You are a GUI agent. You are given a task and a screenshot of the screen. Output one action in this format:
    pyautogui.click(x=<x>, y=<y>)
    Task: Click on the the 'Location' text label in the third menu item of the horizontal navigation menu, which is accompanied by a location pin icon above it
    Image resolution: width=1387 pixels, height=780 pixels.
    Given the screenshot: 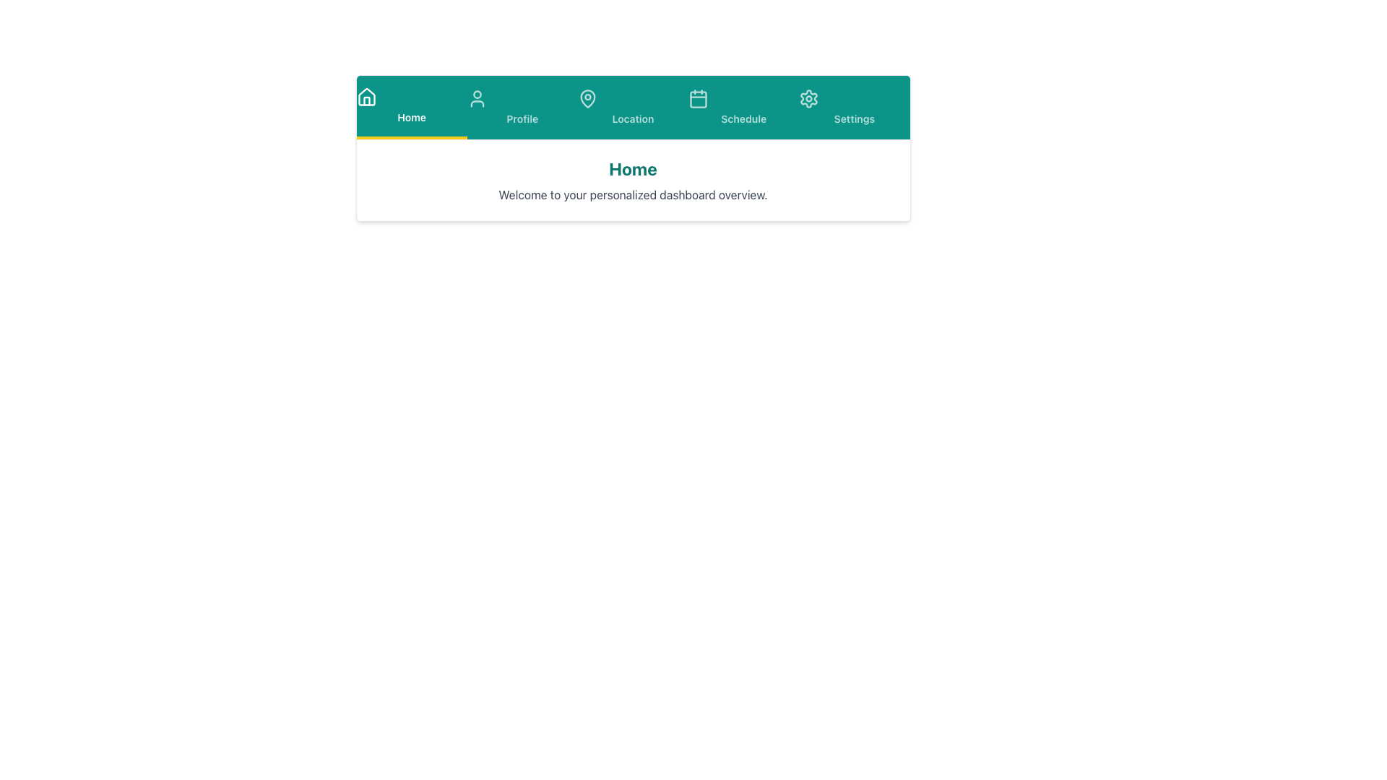 What is the action you would take?
    pyautogui.click(x=633, y=118)
    